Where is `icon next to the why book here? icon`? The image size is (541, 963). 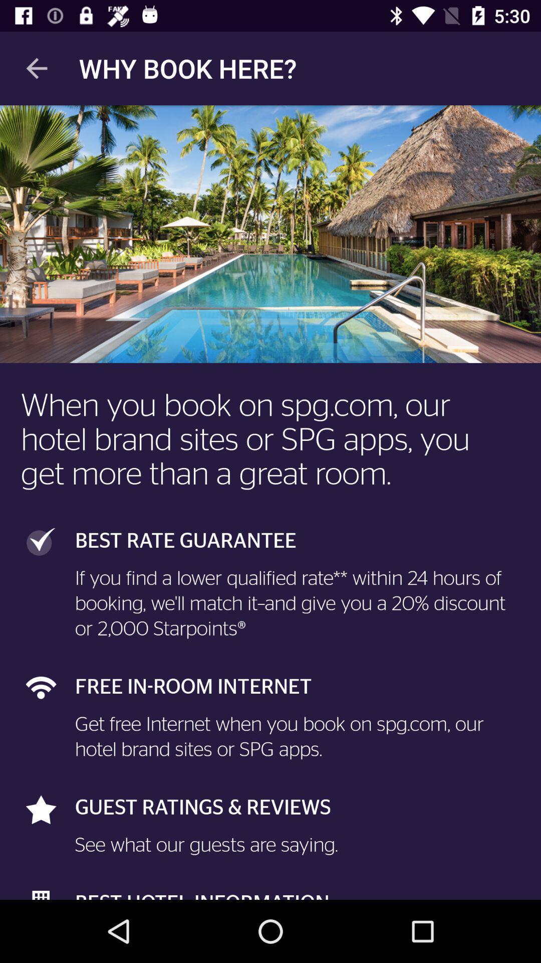 icon next to the why book here? icon is located at coordinates (36, 68).